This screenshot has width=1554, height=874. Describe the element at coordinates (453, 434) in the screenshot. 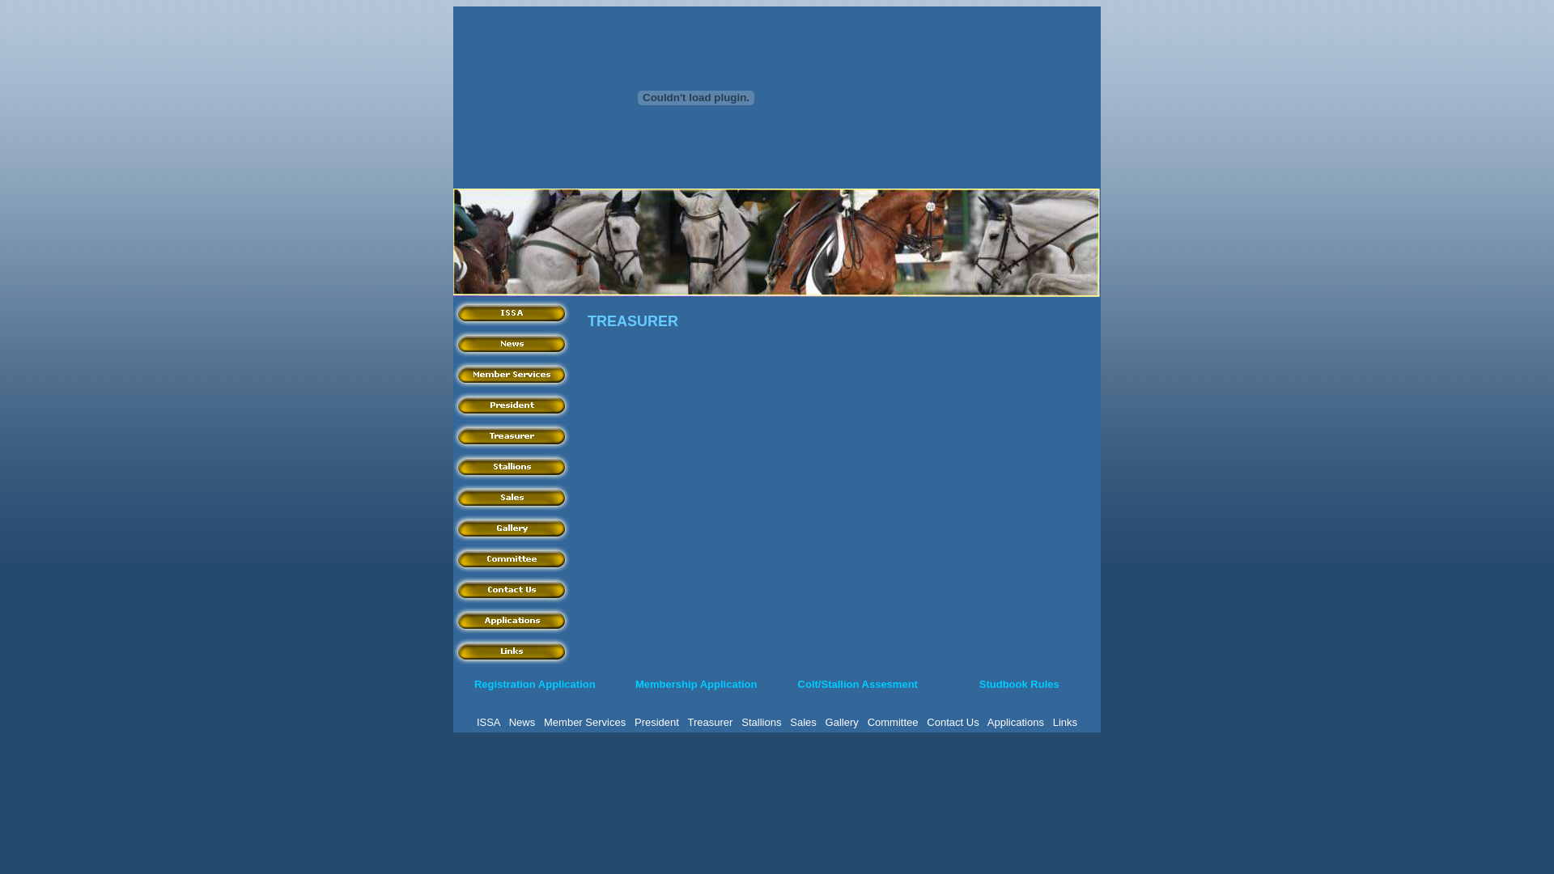

I see `'Treasurer'` at that location.